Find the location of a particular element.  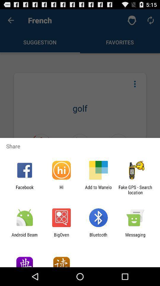

bigoven app is located at coordinates (61, 237).